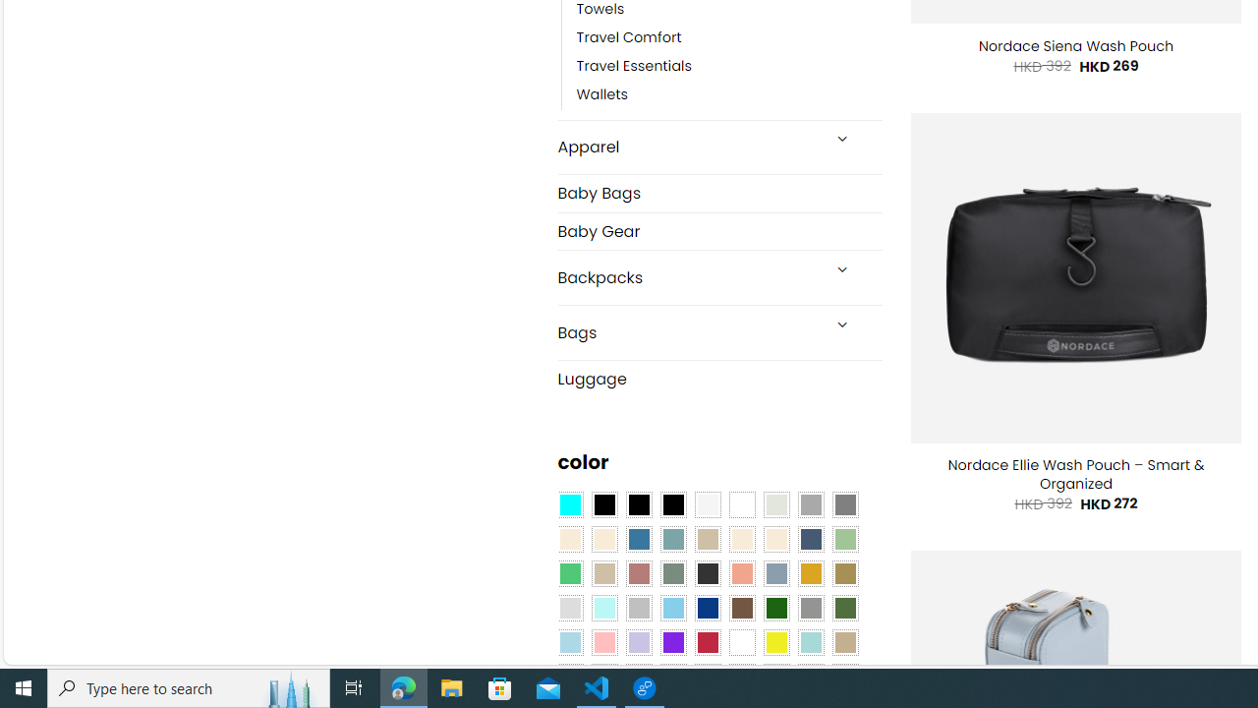  I want to click on 'Yellow', so click(774, 642).